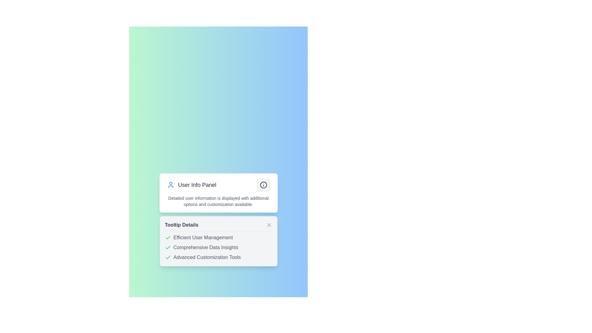 The width and height of the screenshot is (592, 333). I want to click on the circular SVG graphic icon located in the top-right corner of the 'User Info Panel' card, so click(263, 185).